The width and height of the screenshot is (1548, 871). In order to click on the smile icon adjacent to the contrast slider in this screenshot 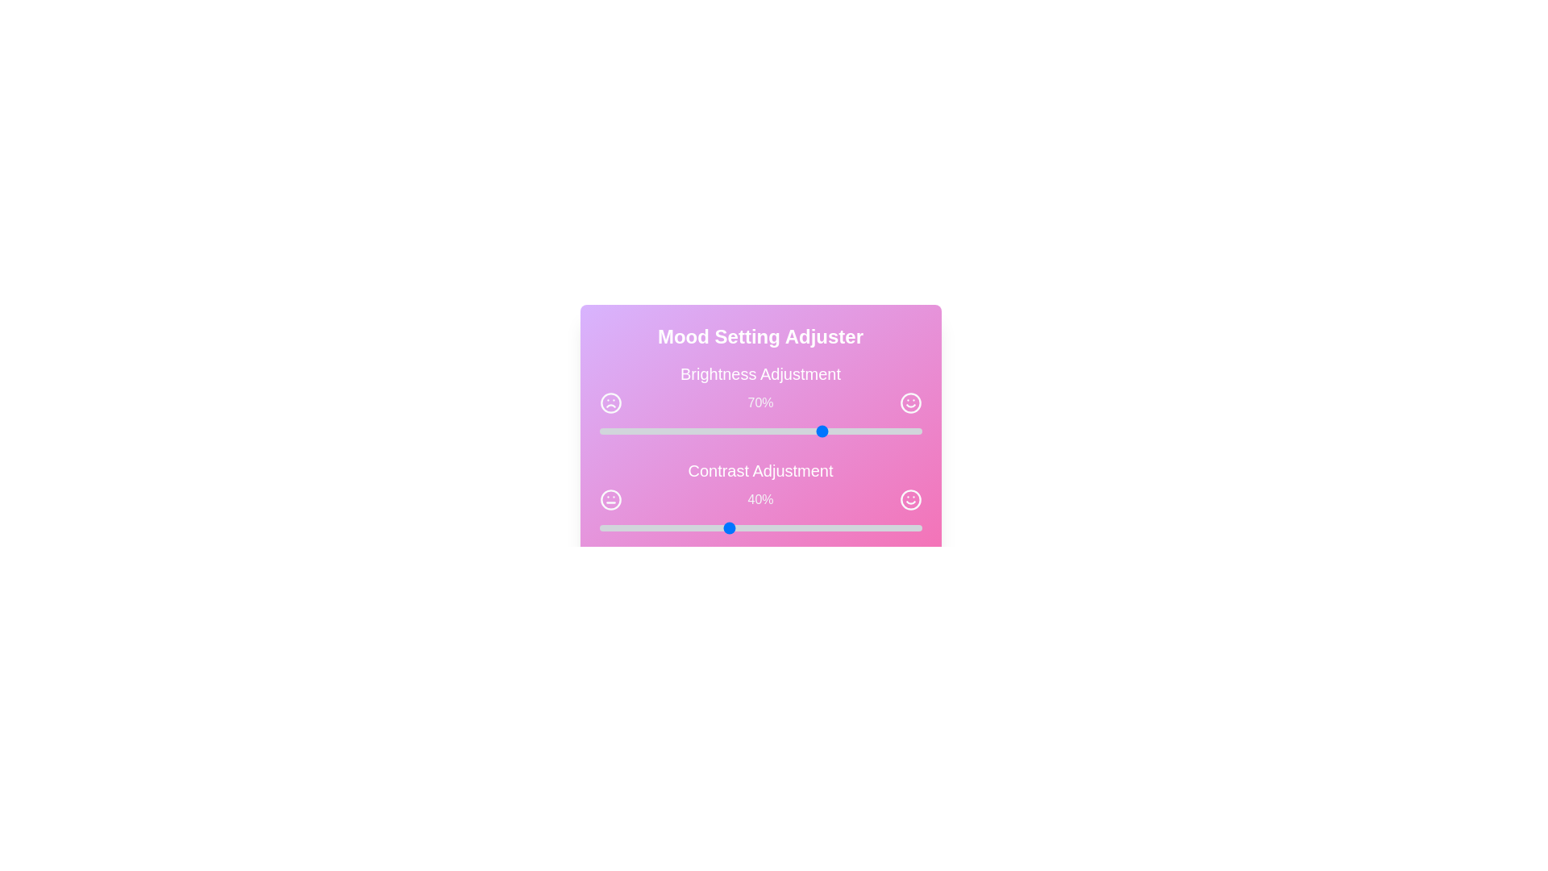, I will do `click(910, 499)`.